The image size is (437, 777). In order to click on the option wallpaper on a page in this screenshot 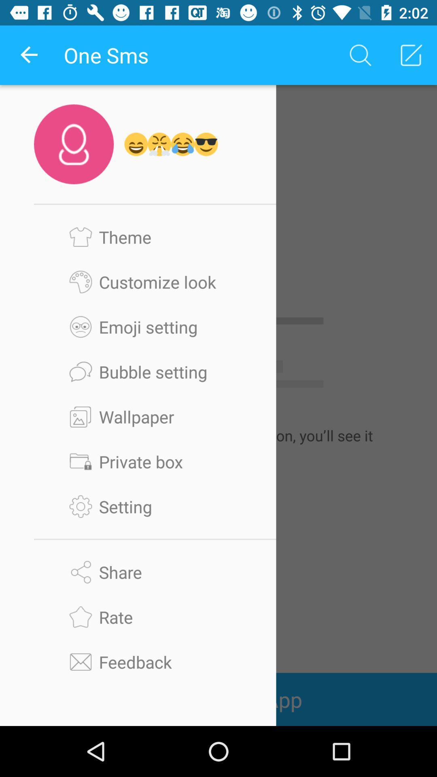, I will do `click(155, 416)`.